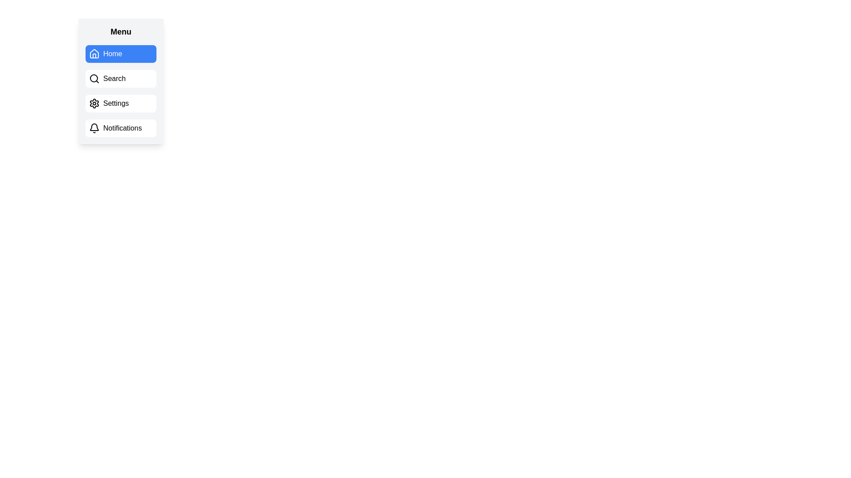  Describe the element at coordinates (121, 54) in the screenshot. I see `the 'Home' button, which is a rectangular button with rounded corners, blue background, and white text, located under the 'Menu' header` at that location.